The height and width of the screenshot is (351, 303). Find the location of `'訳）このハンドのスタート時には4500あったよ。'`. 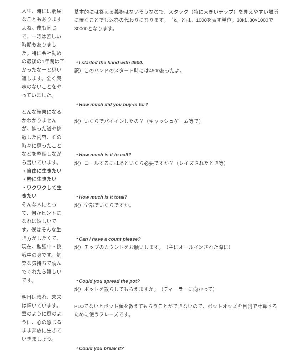

'訳）このハンドのスタート時には4500あったよ。' is located at coordinates (73, 70).